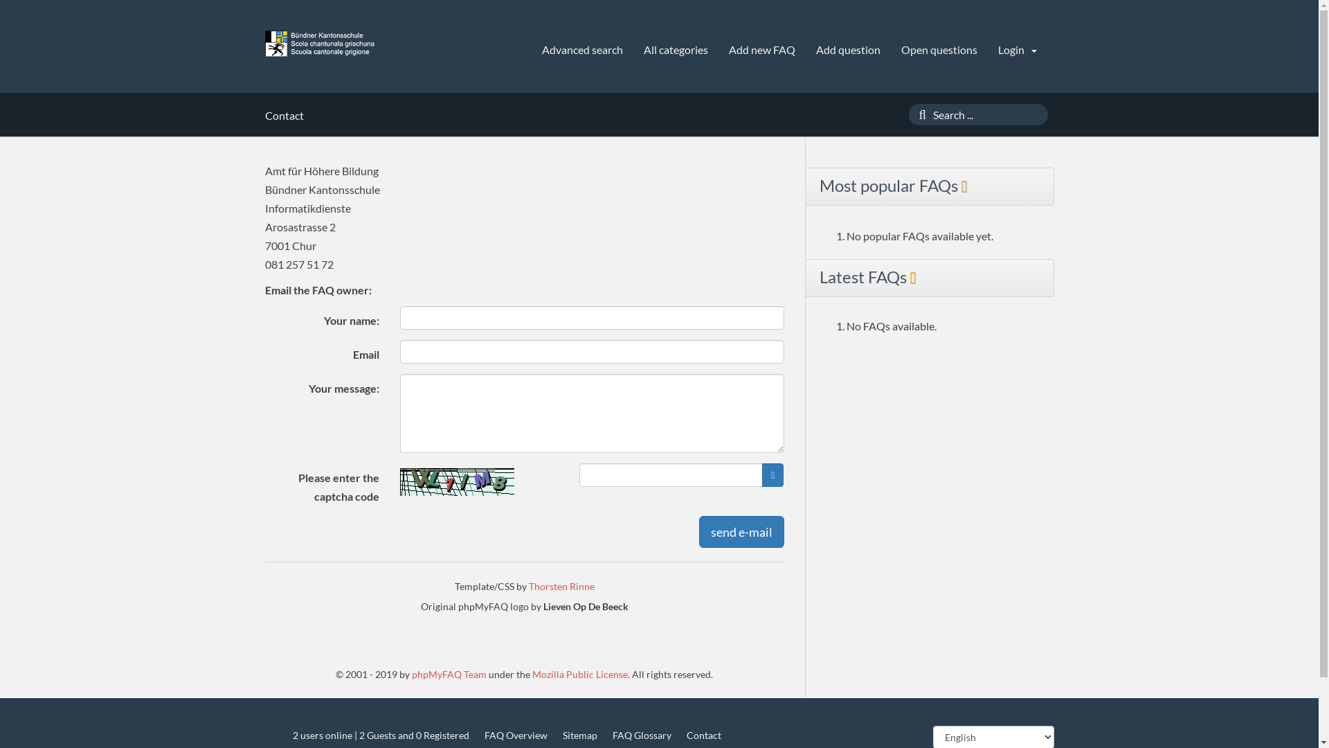  I want to click on 'Mozilla Public License', so click(580, 674).